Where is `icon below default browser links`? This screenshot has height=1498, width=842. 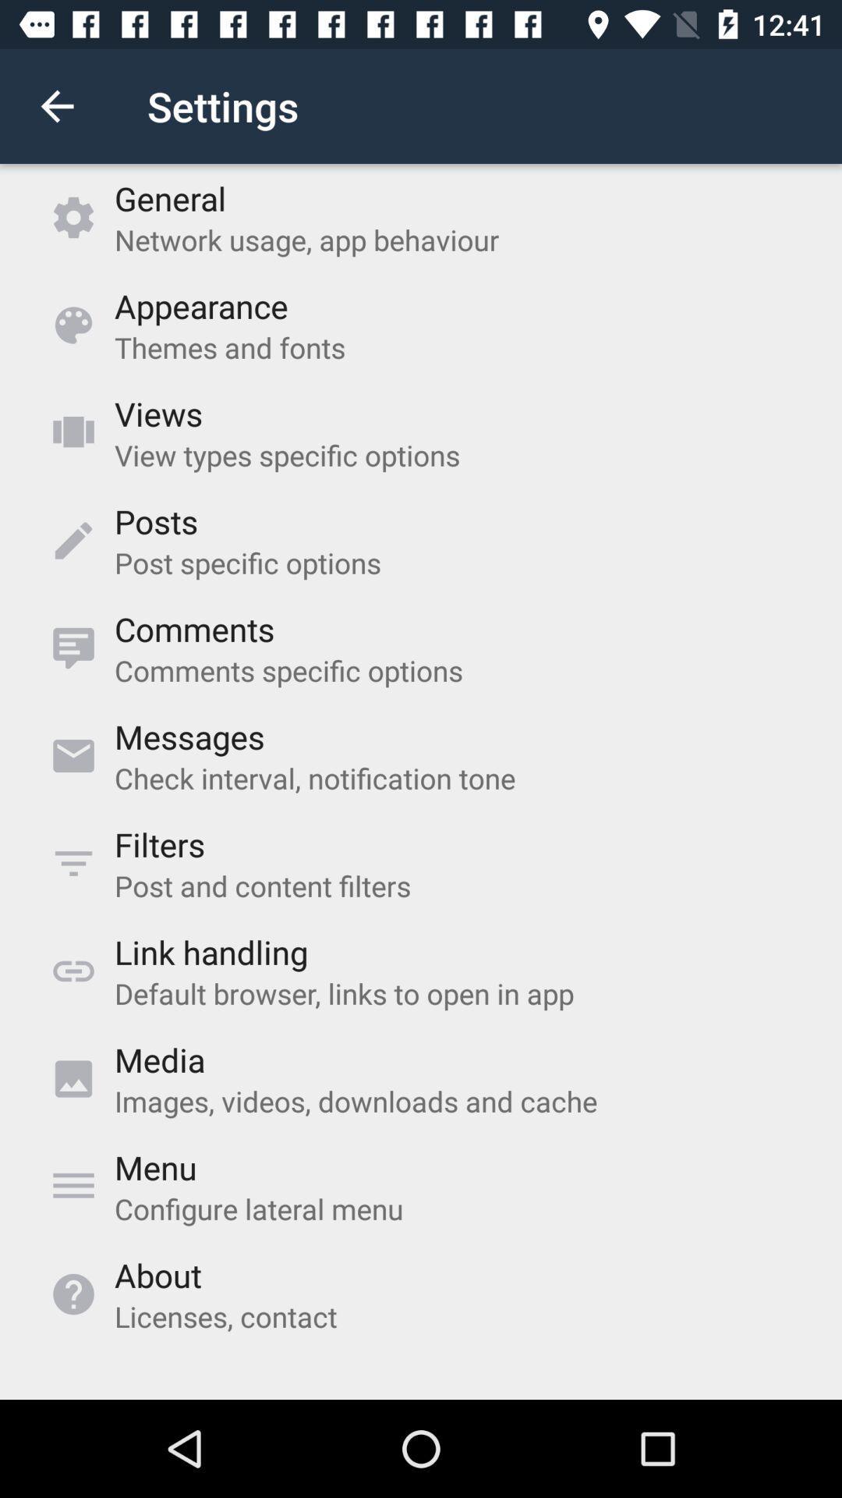
icon below default browser links is located at coordinates (160, 1060).